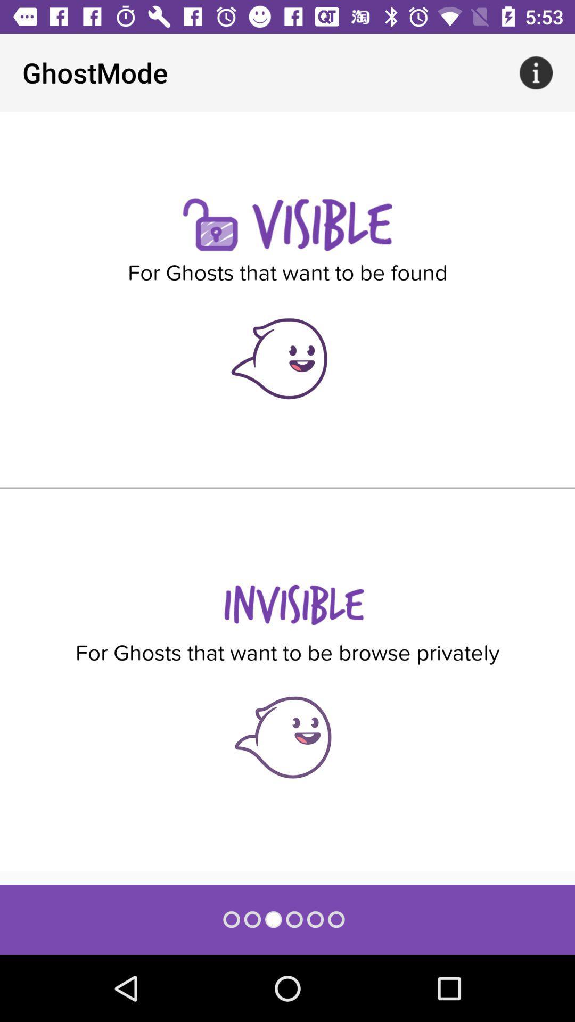 This screenshot has width=575, height=1022. What do you see at coordinates (536, 72) in the screenshot?
I see `app next to ghostmode app` at bounding box center [536, 72].